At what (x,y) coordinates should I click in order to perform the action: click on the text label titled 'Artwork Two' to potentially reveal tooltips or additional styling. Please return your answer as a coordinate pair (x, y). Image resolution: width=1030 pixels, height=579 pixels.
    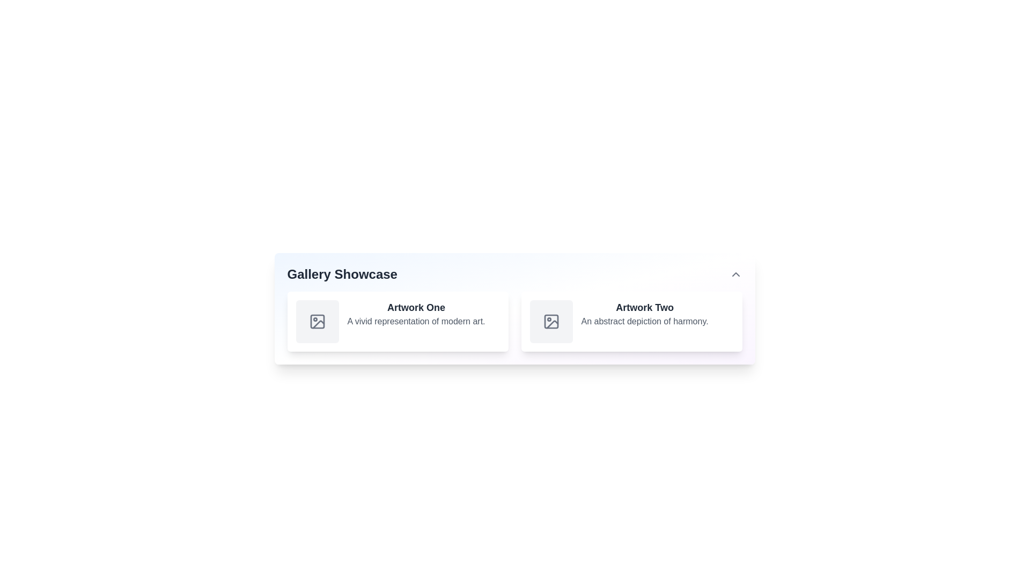
    Looking at the image, I should click on (644, 308).